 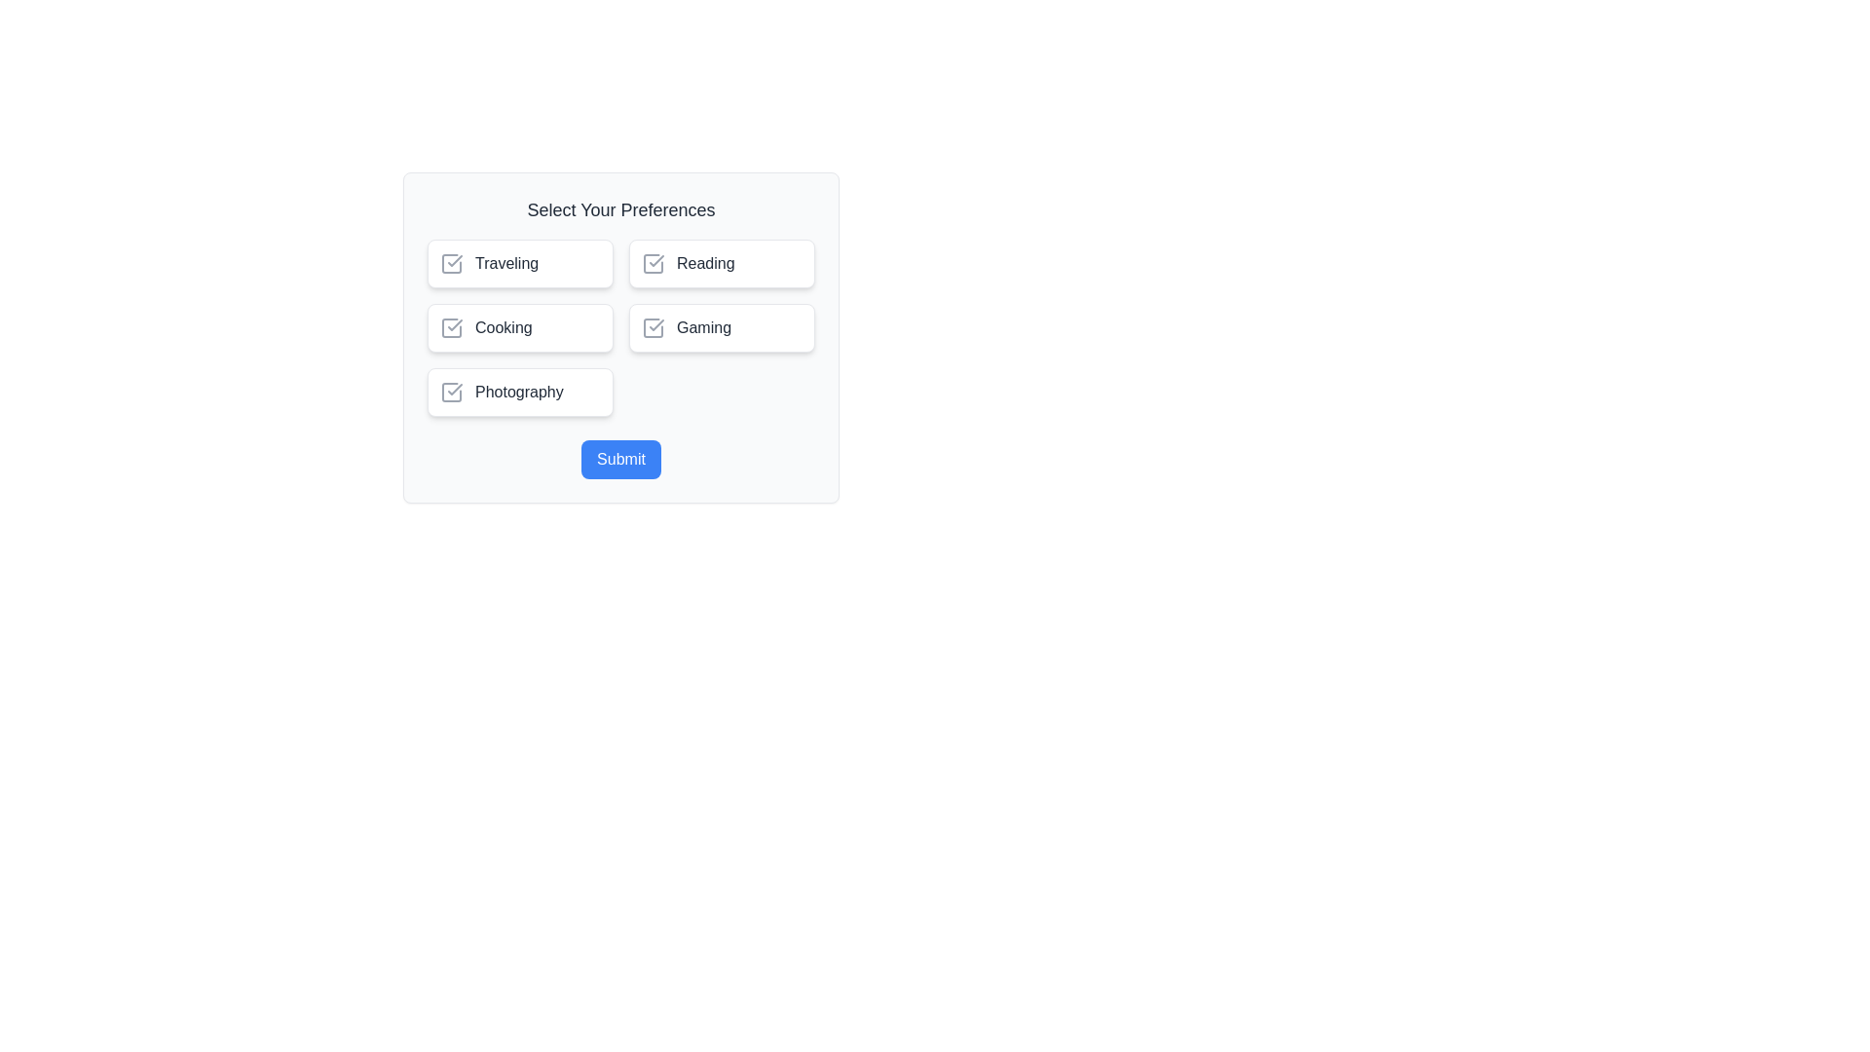 I want to click on the 'Traveling' checkbox icon, so click(x=451, y=263).